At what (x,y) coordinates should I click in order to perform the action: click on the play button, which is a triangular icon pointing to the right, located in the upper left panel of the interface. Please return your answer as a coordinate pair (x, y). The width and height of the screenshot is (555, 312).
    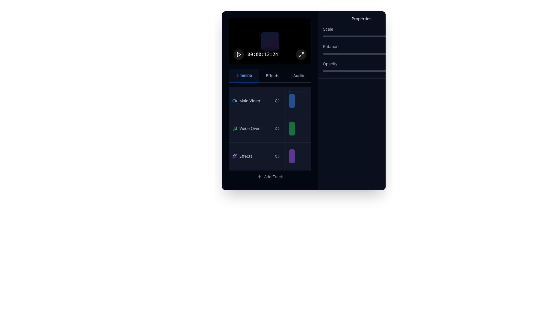
    Looking at the image, I should click on (239, 54).